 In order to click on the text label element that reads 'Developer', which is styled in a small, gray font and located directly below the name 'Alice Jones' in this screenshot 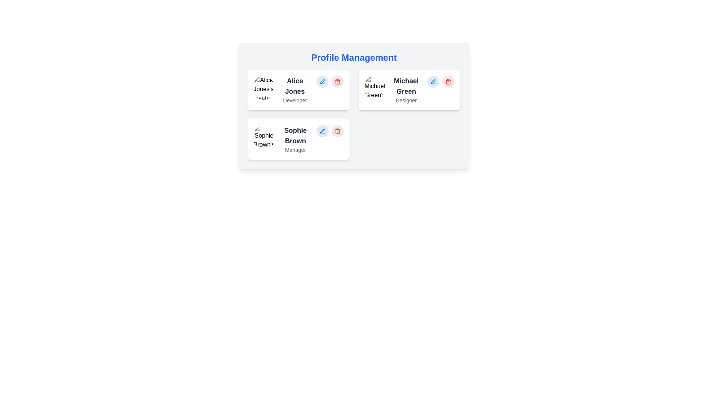, I will do `click(294, 100)`.